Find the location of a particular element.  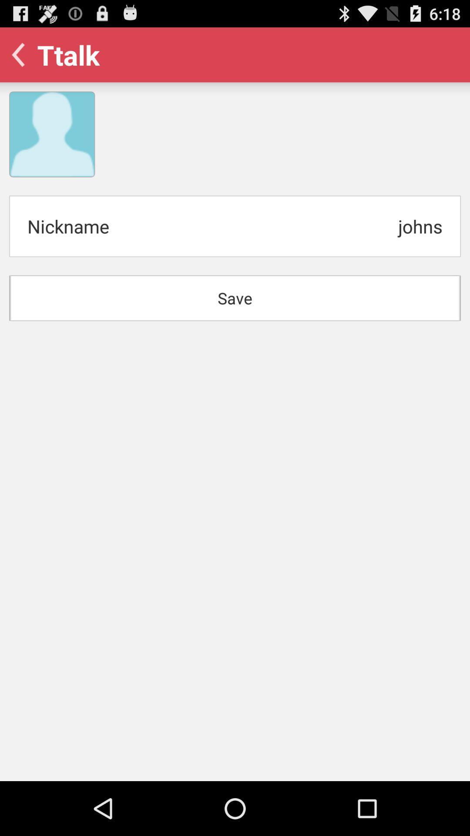

the arrow_backward icon is located at coordinates (20, 58).